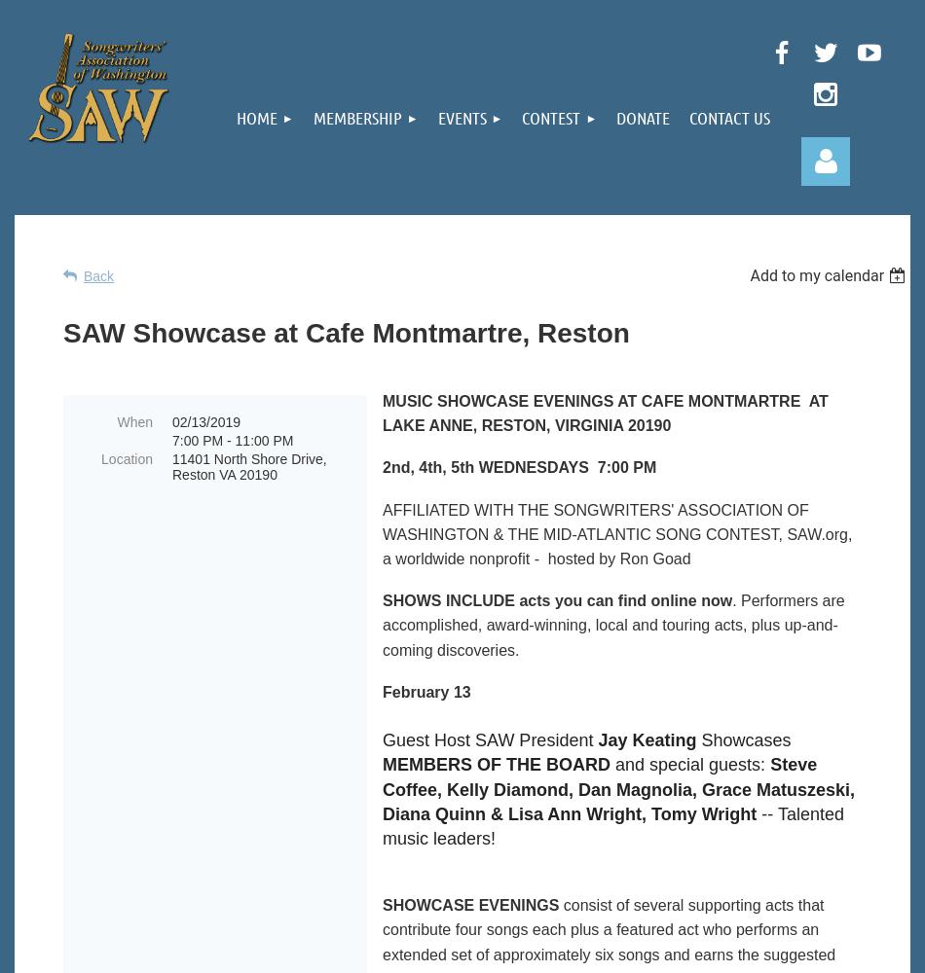  Describe the element at coordinates (425, 690) in the screenshot. I see `'February 13'` at that location.